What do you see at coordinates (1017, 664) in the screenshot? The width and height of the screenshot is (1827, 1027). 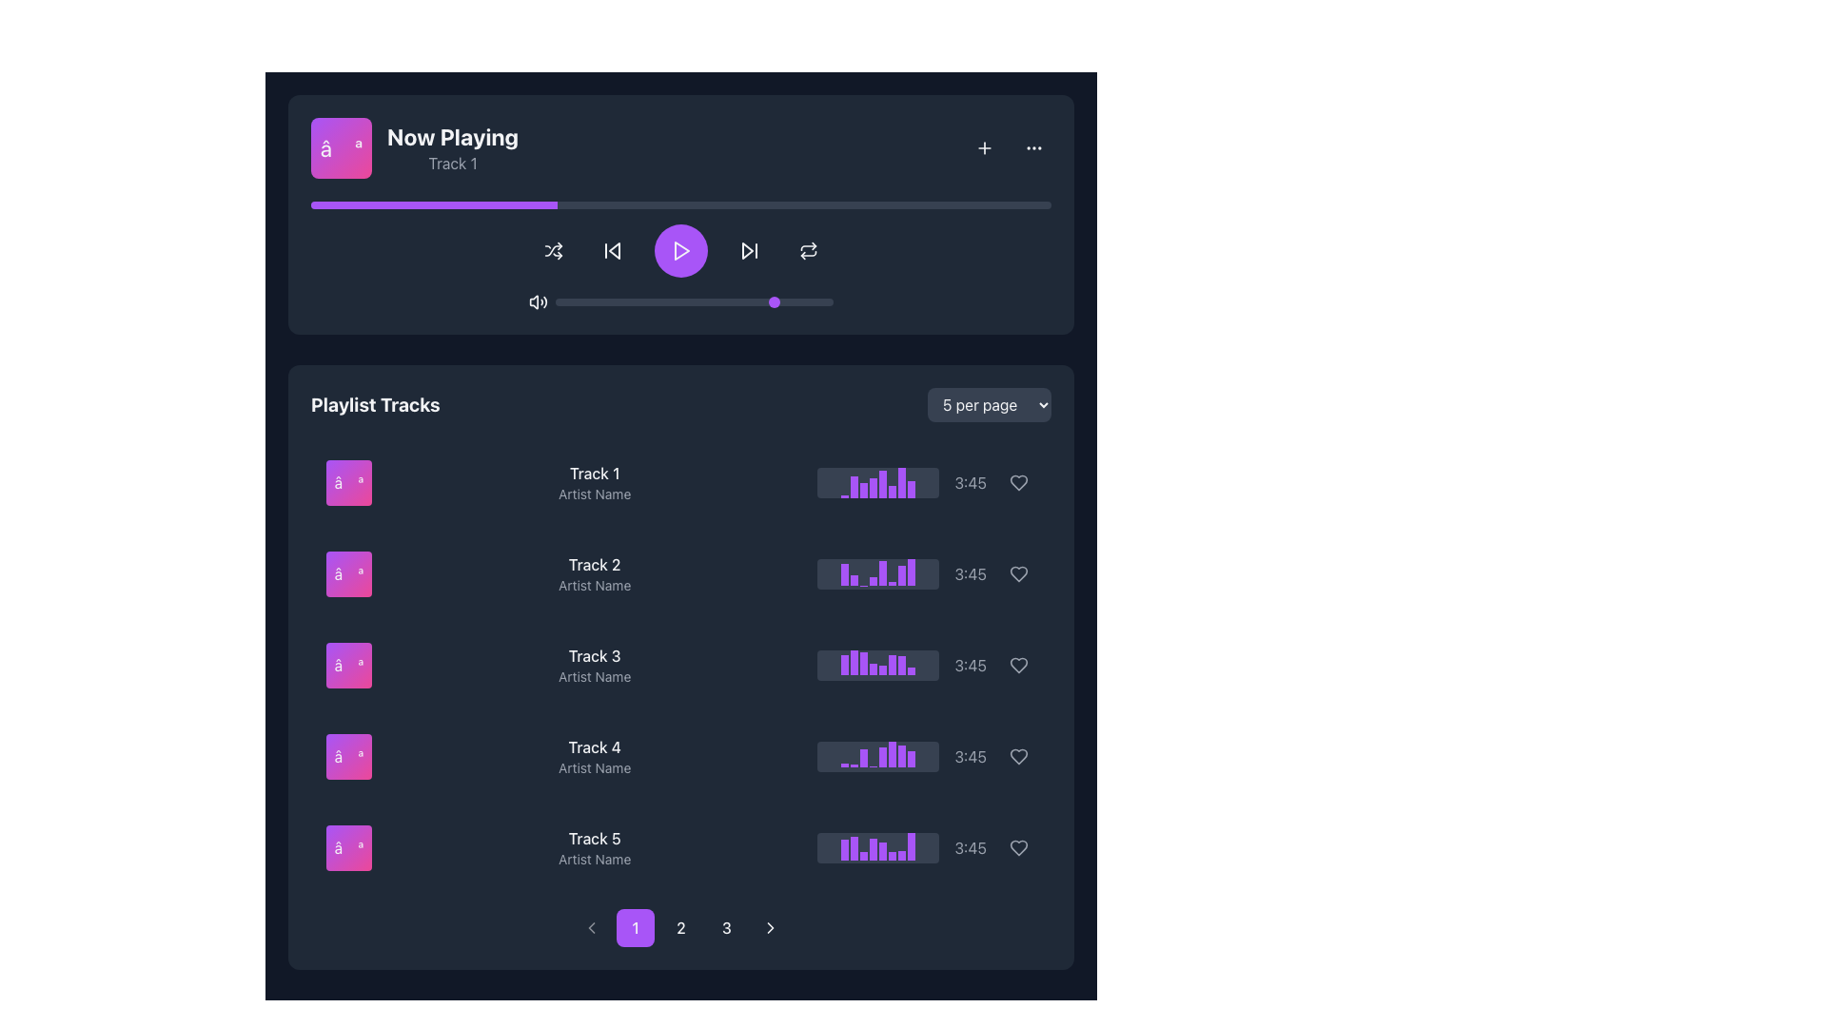 I see `the heart icon button located to the far right of the 'Track 4' row in the playlist` at bounding box center [1017, 664].